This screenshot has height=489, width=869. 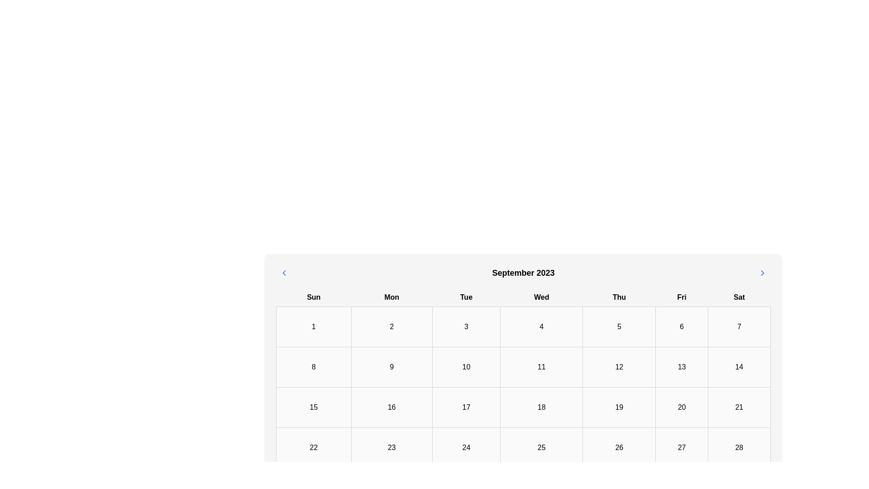 I want to click on the calendar header displaying the current month and year to focus on it, so click(x=523, y=272).